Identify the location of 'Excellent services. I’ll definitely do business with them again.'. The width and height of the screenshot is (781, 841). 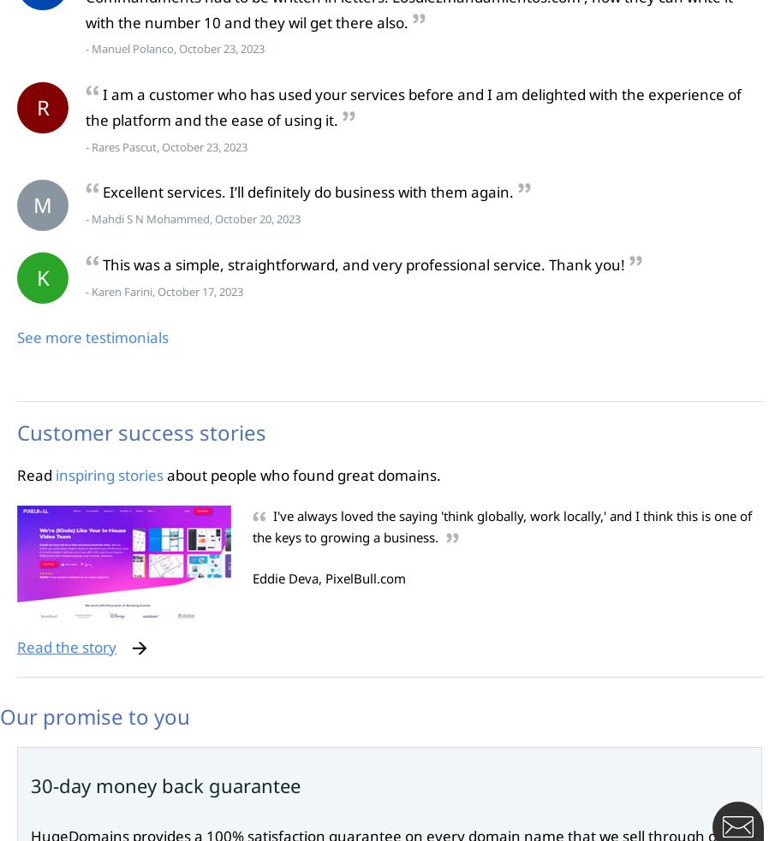
(307, 192).